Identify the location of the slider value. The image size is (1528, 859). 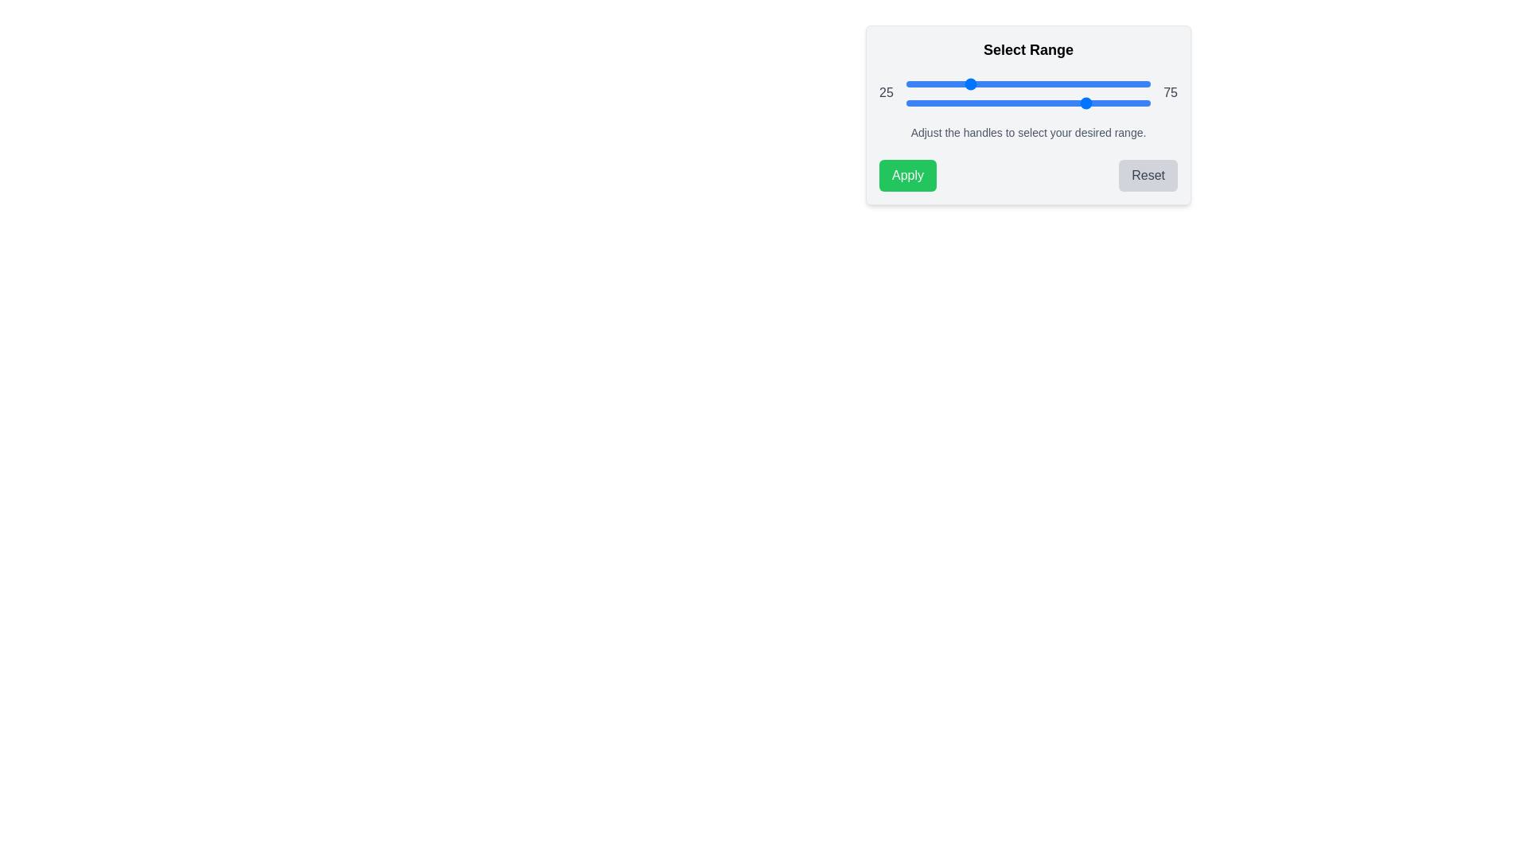
(937, 103).